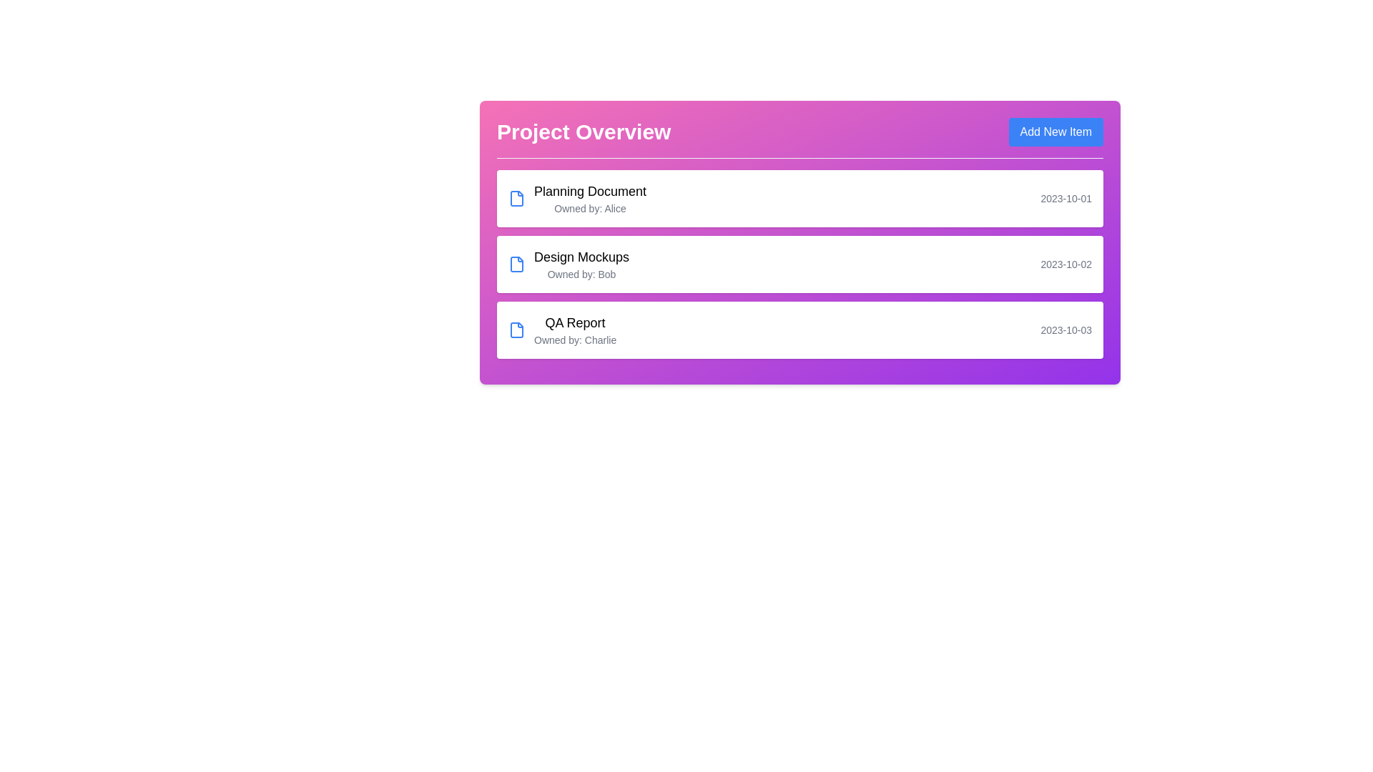  I want to click on the static text label displaying '2023-10-02' in gray font, located at the right end of the block labeled 'Design Mockups' and 'Owned by: Bob', so click(1066, 264).